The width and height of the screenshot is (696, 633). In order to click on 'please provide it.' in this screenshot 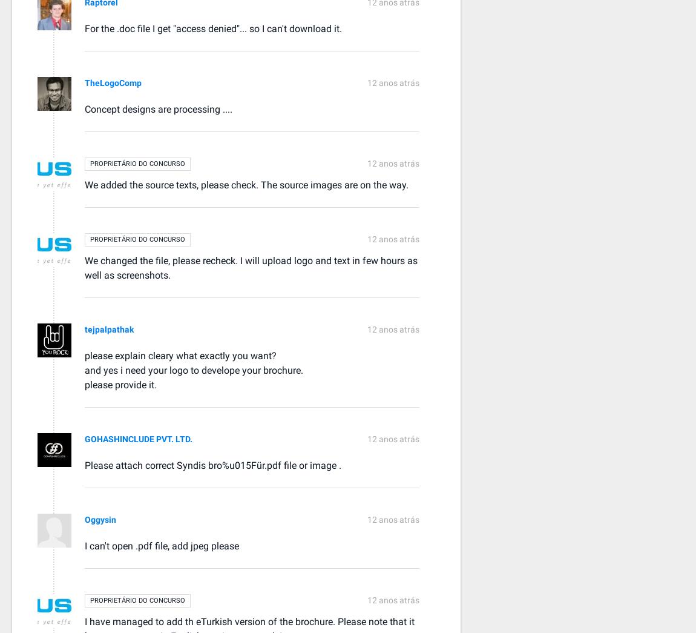, I will do `click(120, 383)`.